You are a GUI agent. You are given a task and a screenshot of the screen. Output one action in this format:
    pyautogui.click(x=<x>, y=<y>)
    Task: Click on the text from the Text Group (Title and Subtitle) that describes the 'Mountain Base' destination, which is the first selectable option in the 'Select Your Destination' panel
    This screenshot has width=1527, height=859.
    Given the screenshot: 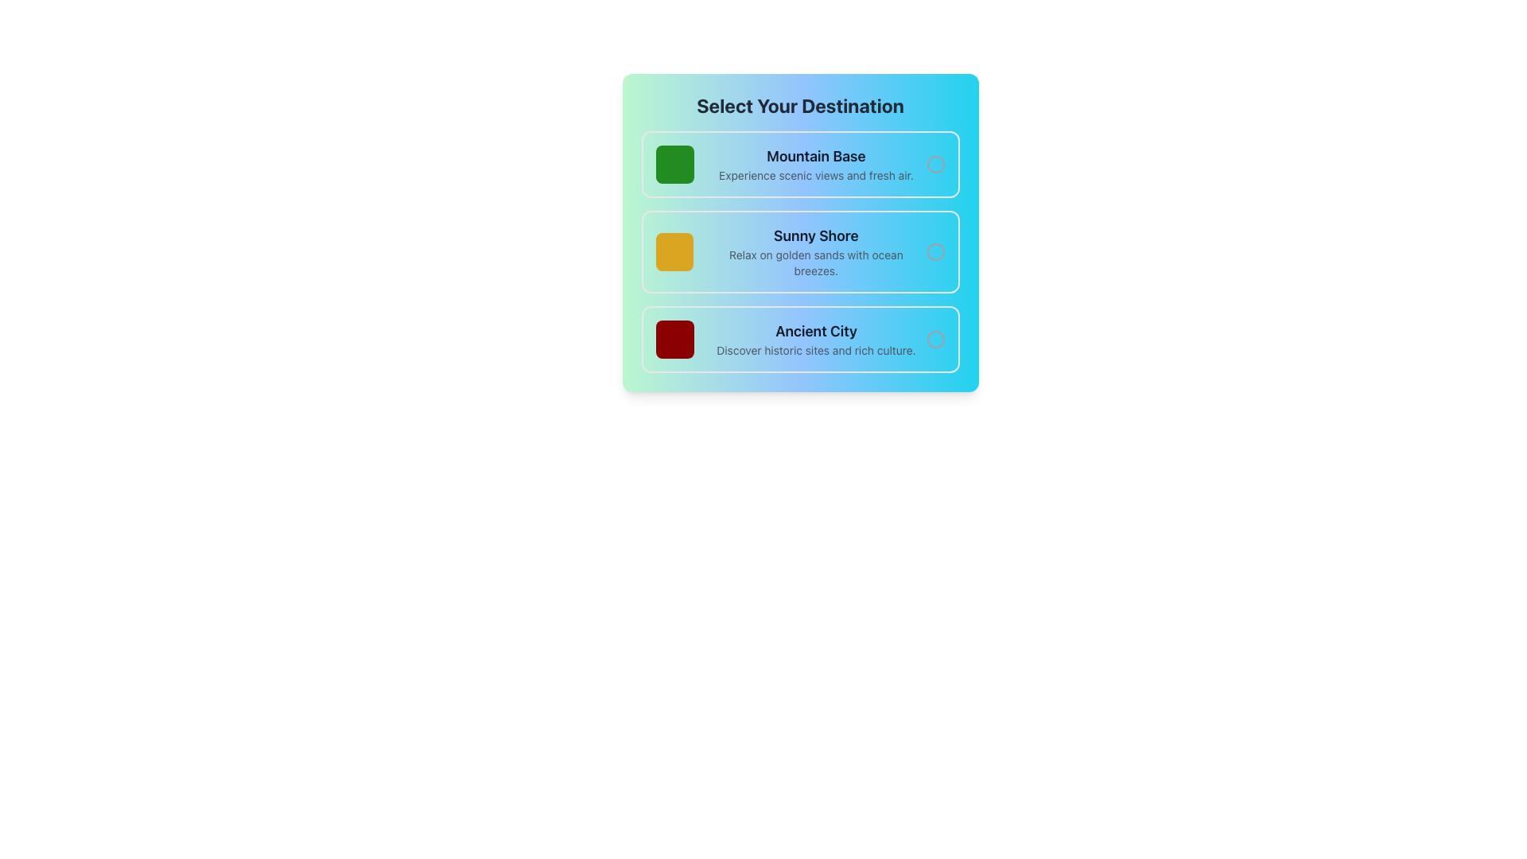 What is the action you would take?
    pyautogui.click(x=816, y=165)
    